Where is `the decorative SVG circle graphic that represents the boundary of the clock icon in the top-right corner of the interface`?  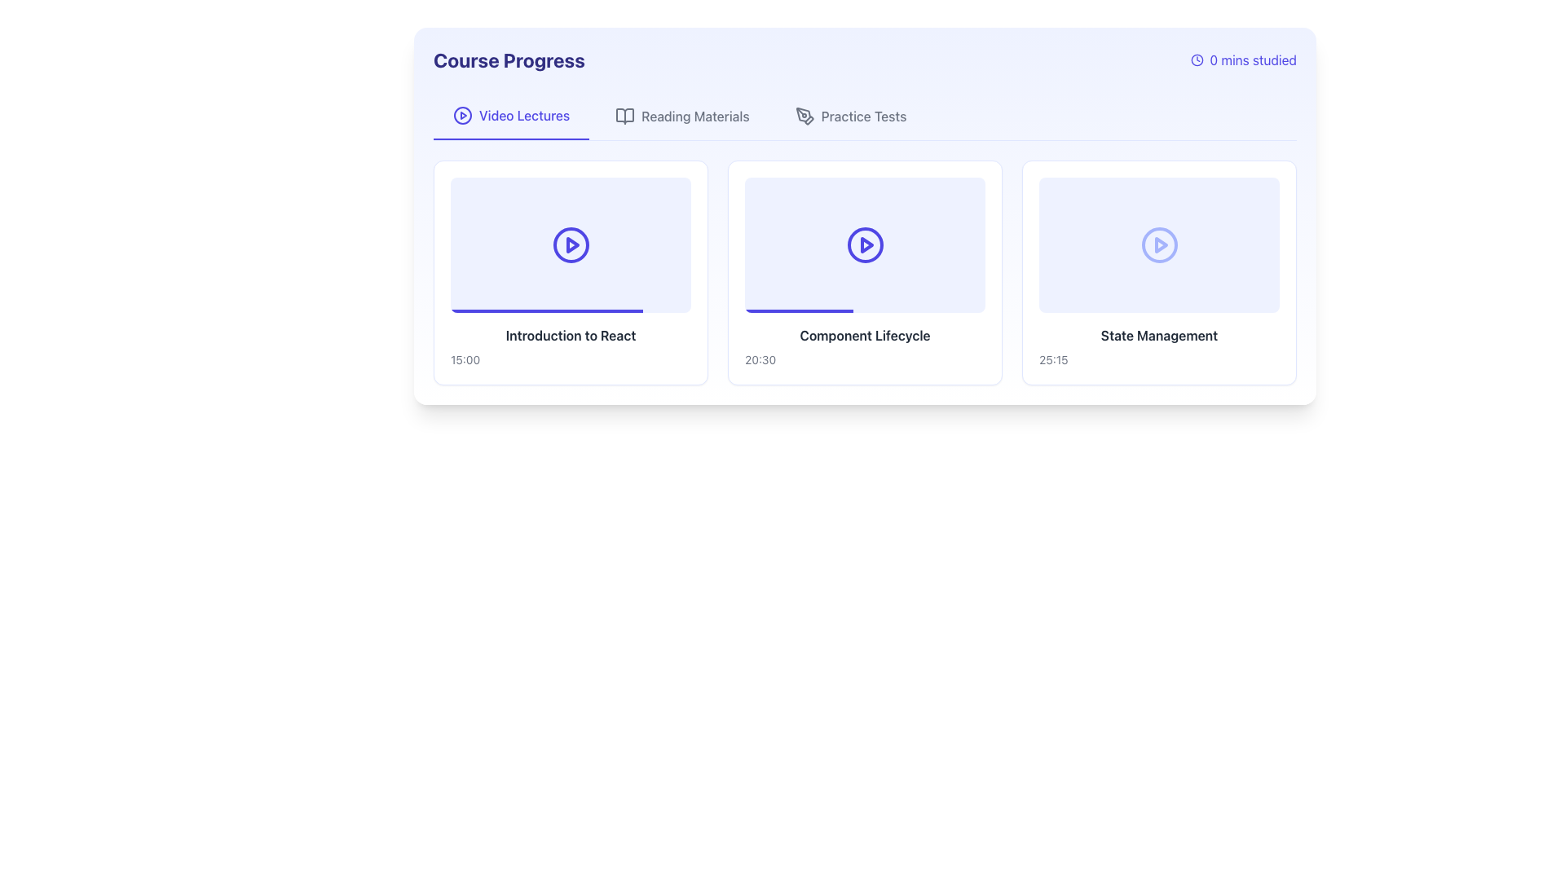 the decorative SVG circle graphic that represents the boundary of the clock icon in the top-right corner of the interface is located at coordinates (1197, 59).